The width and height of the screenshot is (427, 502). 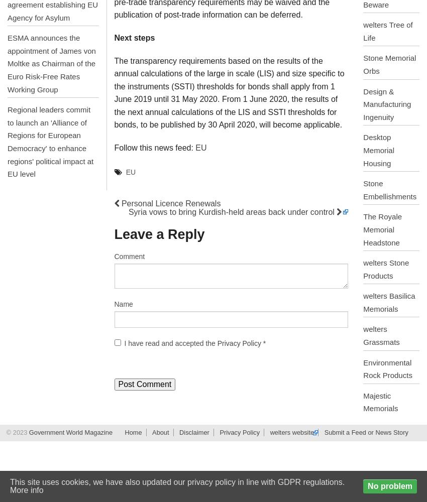 What do you see at coordinates (177, 481) in the screenshot?
I see `'This site uses cookies, we have also updated our privacy policy in line with GDPR regulations.'` at bounding box center [177, 481].